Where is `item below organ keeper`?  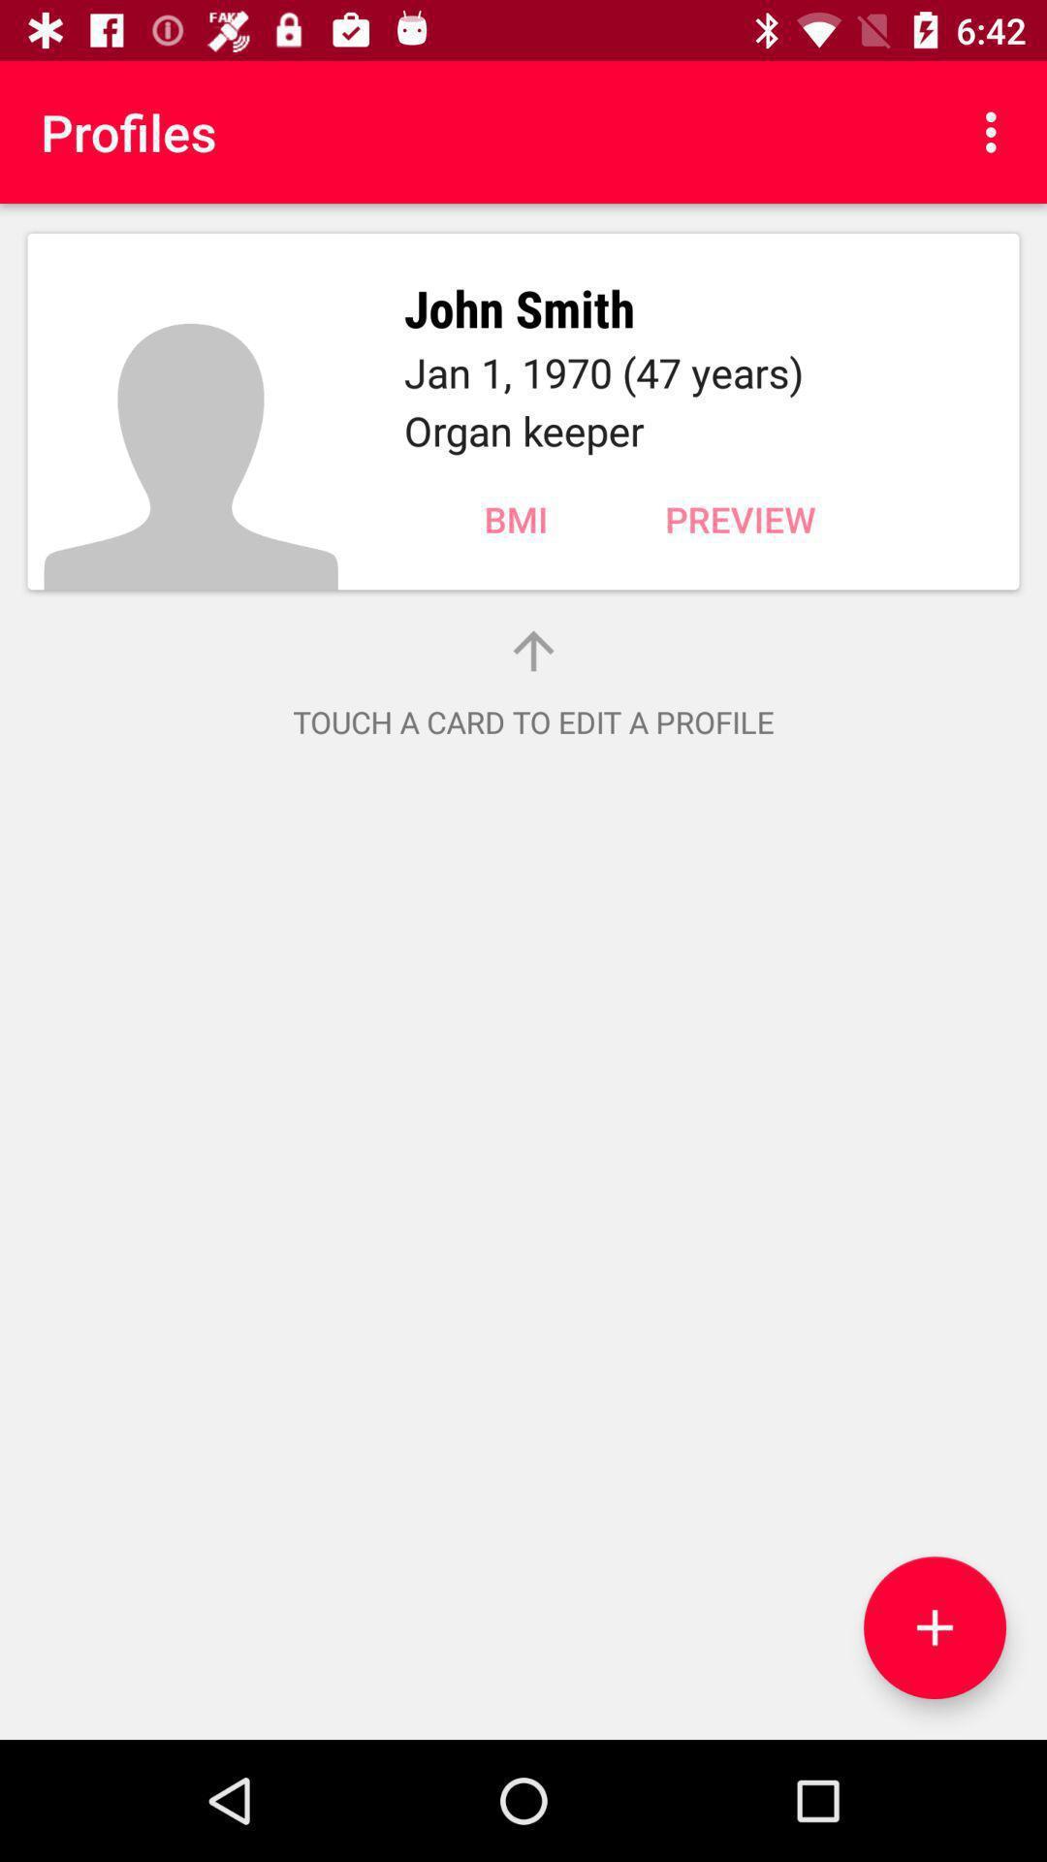 item below organ keeper is located at coordinates (515, 519).